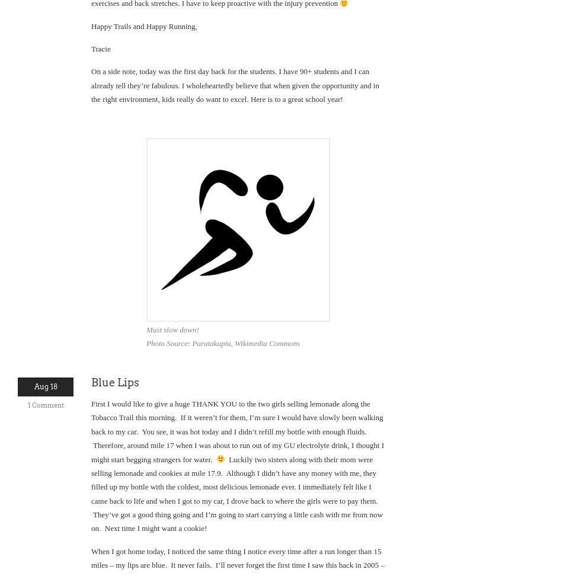  What do you see at coordinates (143, 25) in the screenshot?
I see `'Happy Trails and Happy Running,'` at bounding box center [143, 25].